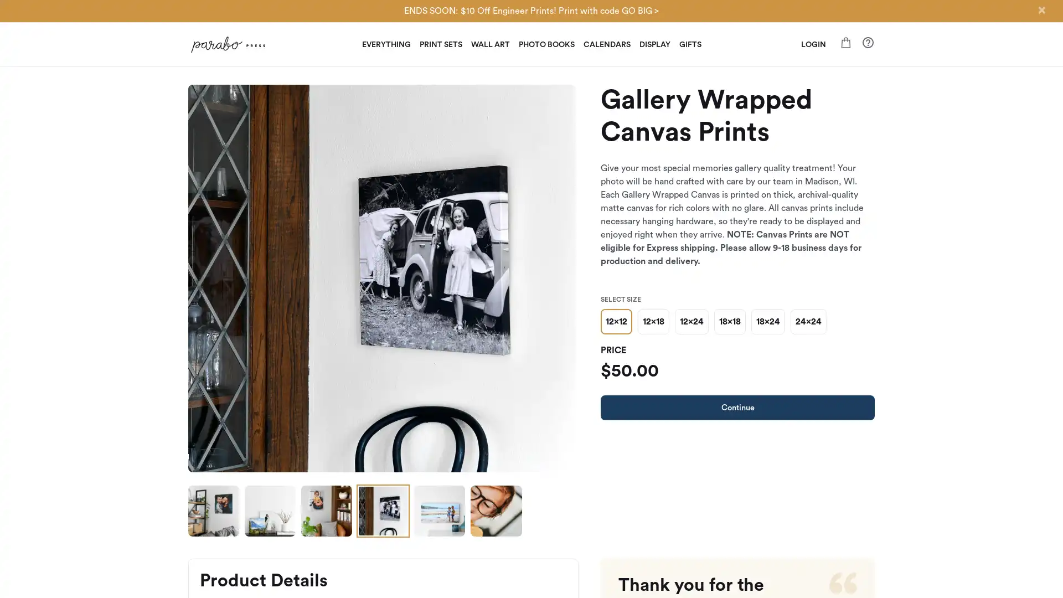 The image size is (1063, 598). What do you see at coordinates (1041, 10) in the screenshot?
I see `Close` at bounding box center [1041, 10].